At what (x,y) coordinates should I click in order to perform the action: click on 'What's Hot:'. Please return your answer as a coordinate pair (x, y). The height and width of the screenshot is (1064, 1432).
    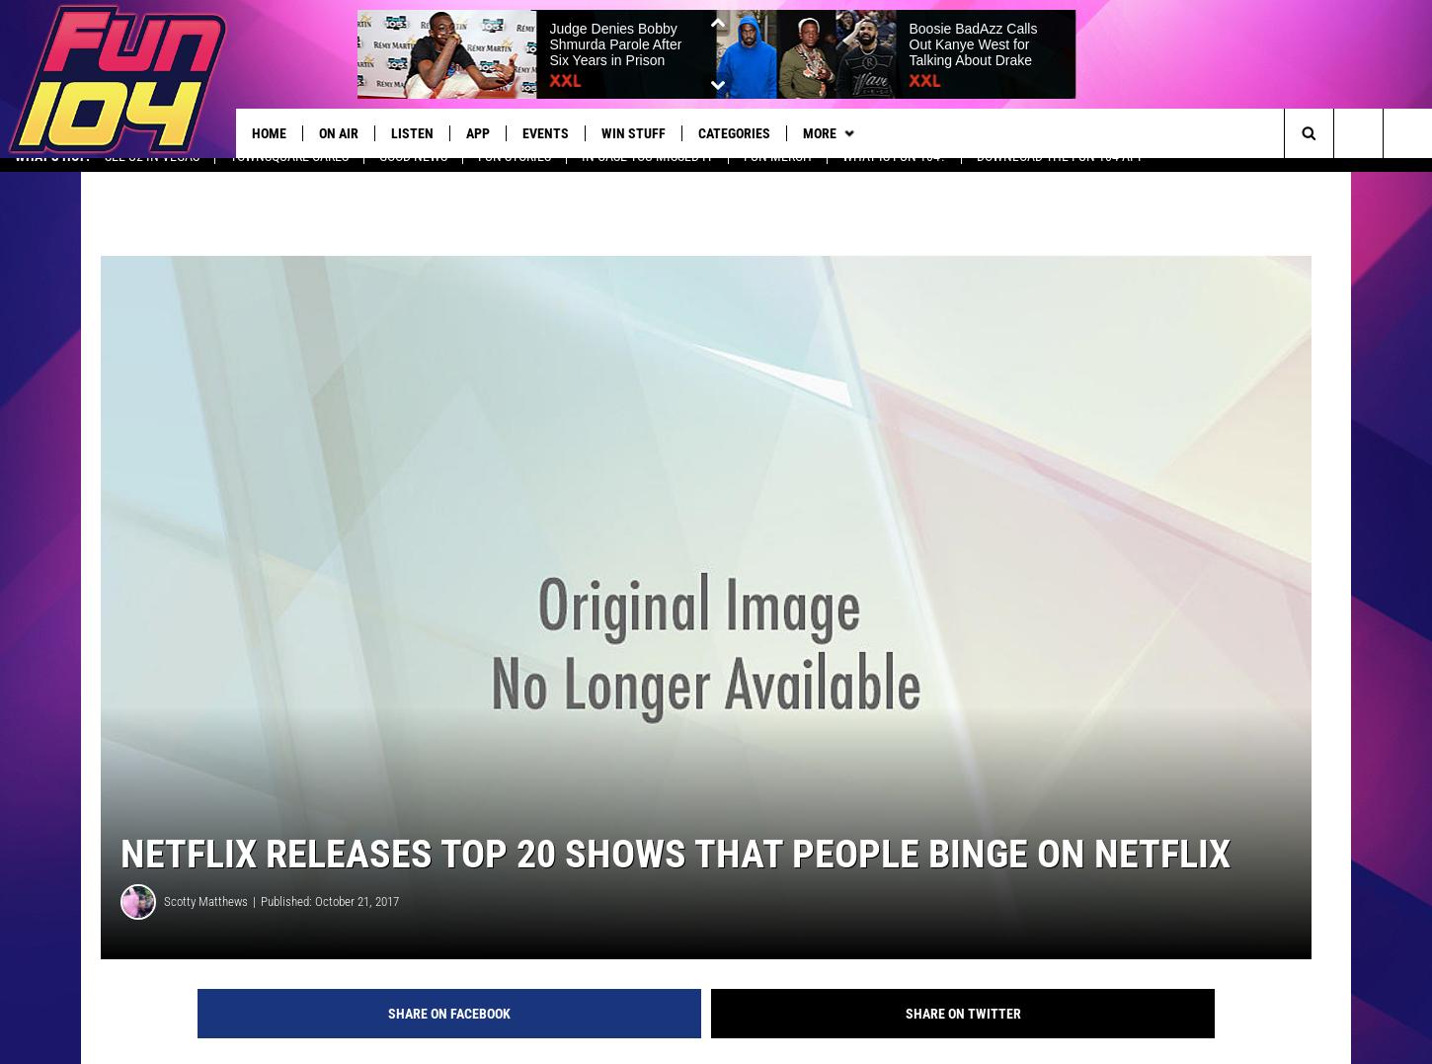
    Looking at the image, I should click on (52, 172).